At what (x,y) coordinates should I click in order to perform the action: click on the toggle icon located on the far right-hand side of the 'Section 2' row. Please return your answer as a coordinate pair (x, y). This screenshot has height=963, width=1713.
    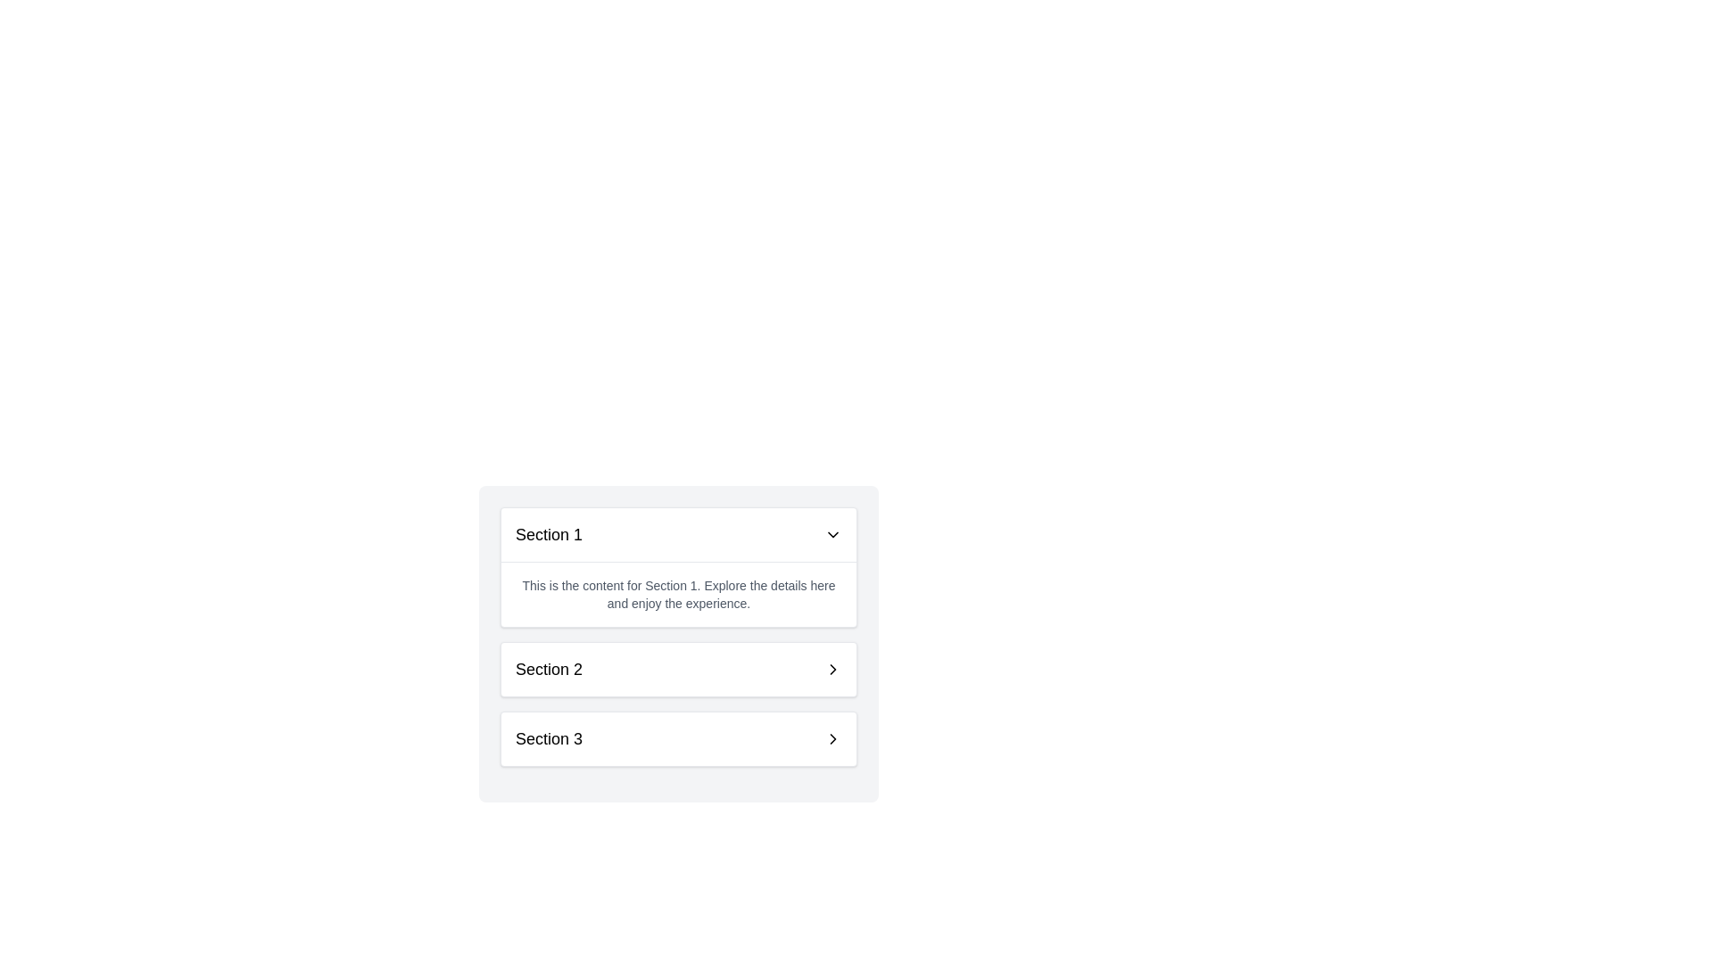
    Looking at the image, I should click on (832, 670).